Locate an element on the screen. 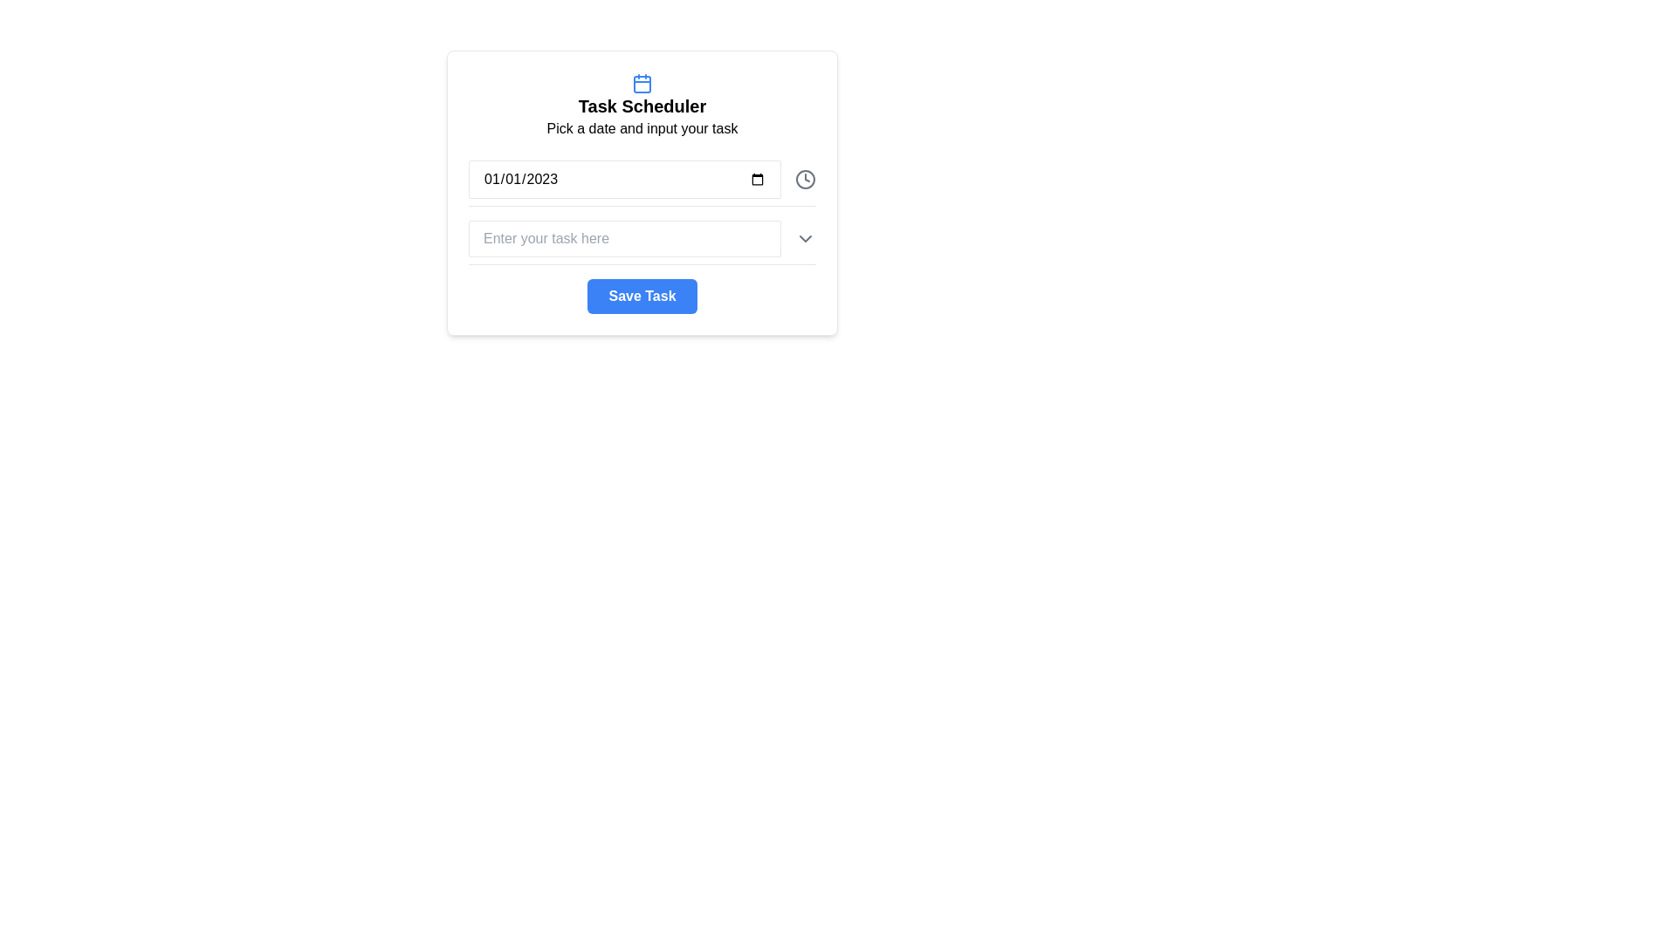  the central pivot circle of the clock icon located to the right of the date input field is located at coordinates (804, 179).